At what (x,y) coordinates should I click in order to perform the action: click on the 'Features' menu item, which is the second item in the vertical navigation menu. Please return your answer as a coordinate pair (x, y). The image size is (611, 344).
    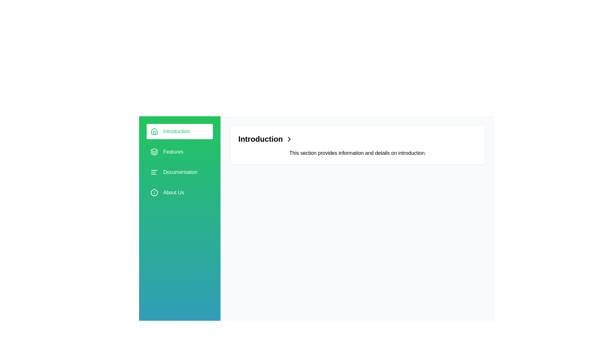
    Looking at the image, I should click on (179, 152).